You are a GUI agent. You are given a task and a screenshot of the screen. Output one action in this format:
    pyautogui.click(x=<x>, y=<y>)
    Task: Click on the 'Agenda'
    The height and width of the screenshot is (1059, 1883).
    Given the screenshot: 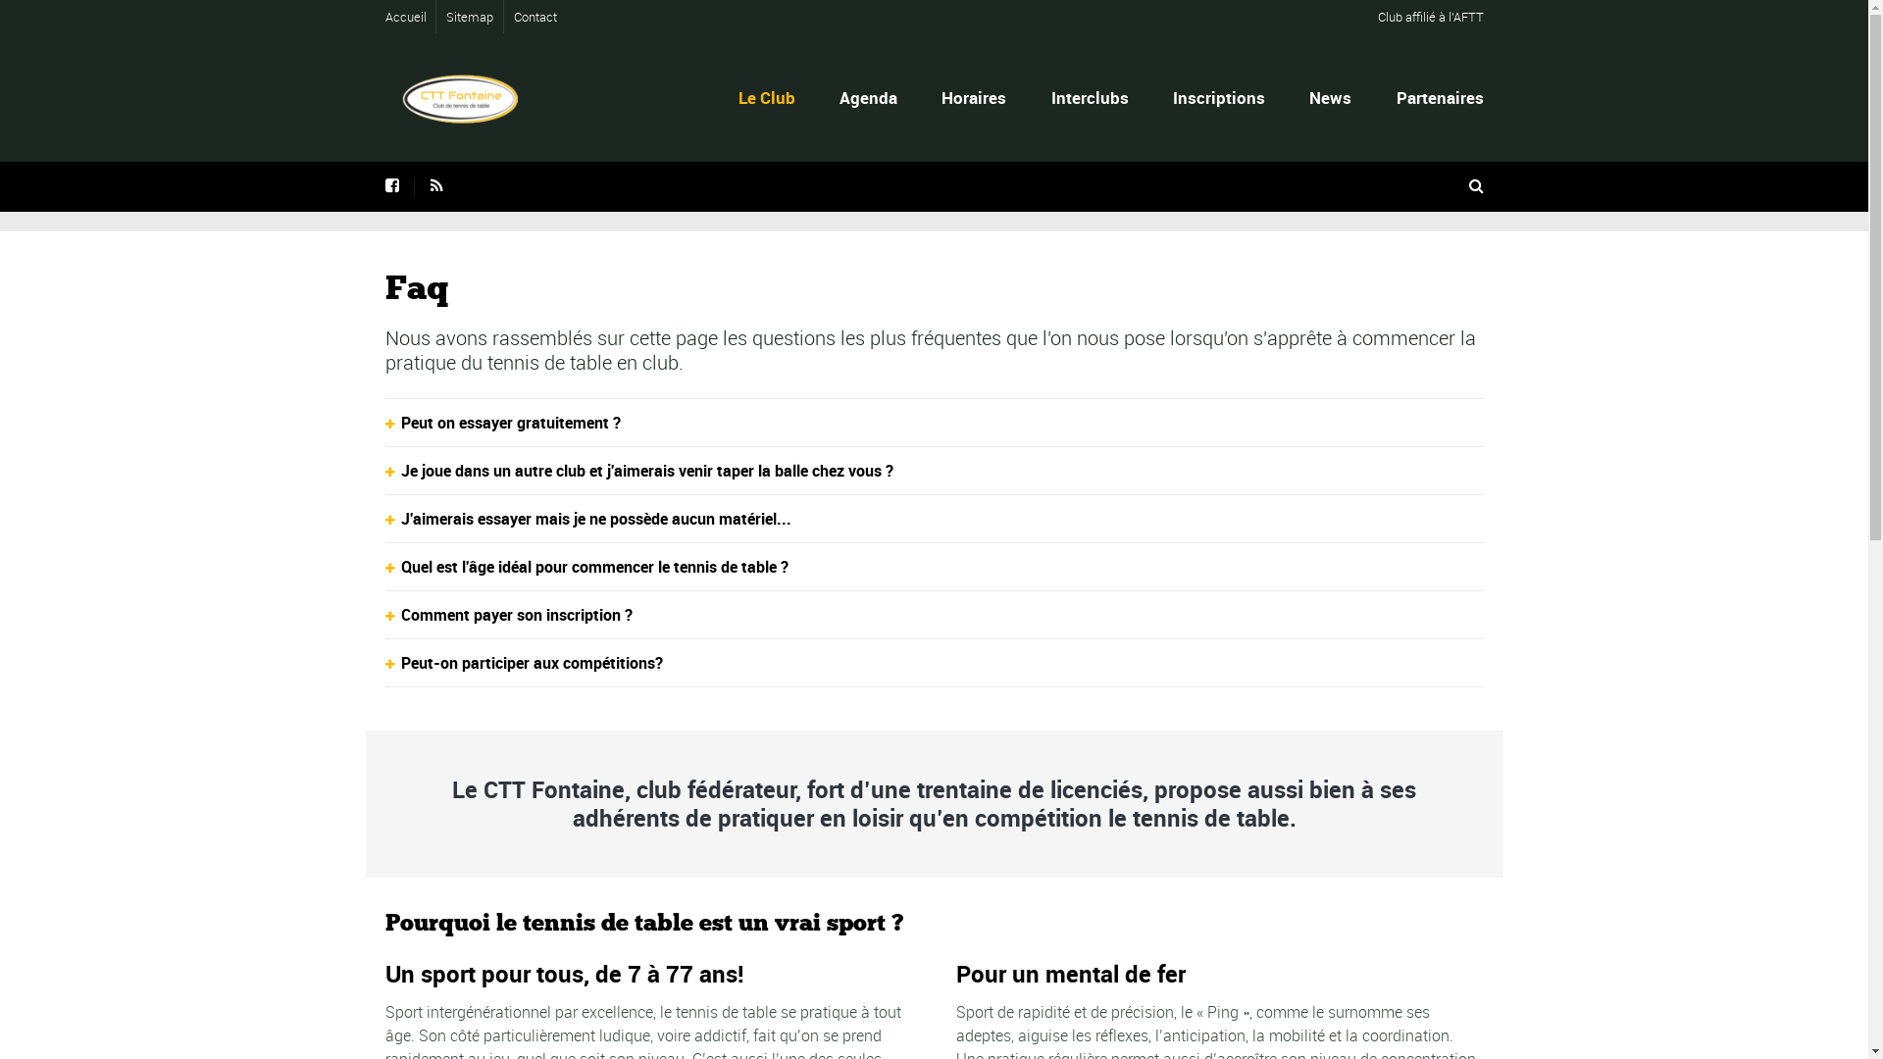 What is the action you would take?
    pyautogui.click(x=835, y=97)
    